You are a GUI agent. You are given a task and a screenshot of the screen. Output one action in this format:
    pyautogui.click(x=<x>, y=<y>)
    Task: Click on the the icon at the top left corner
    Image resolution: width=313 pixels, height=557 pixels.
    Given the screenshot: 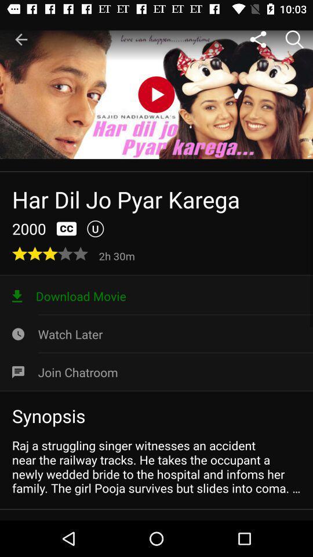 What is the action you would take?
    pyautogui.click(x=21, y=39)
    